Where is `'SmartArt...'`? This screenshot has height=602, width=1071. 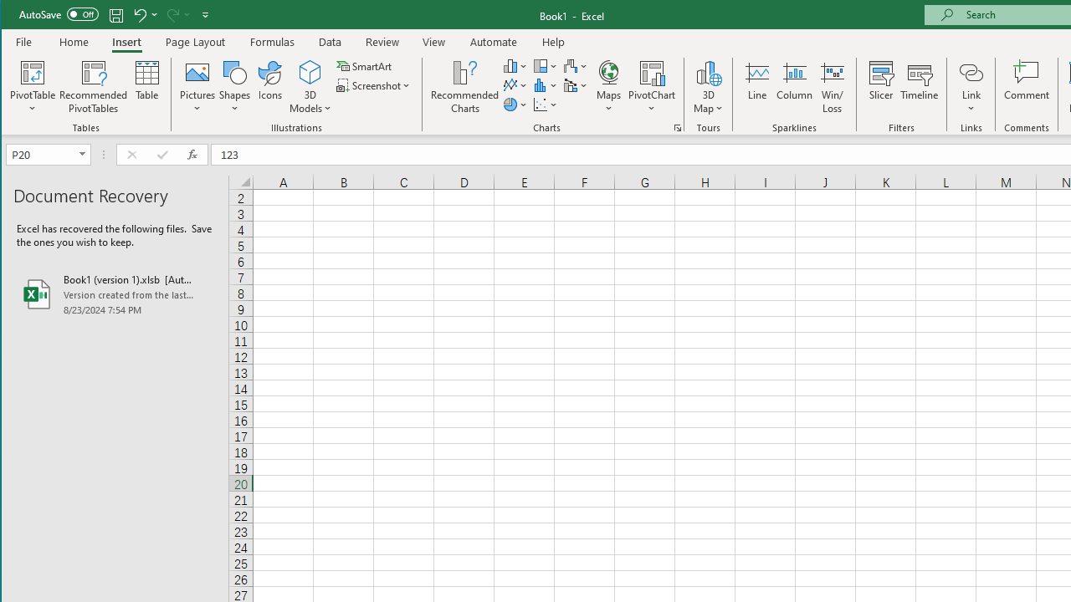
'SmartArt...' is located at coordinates (365, 65).